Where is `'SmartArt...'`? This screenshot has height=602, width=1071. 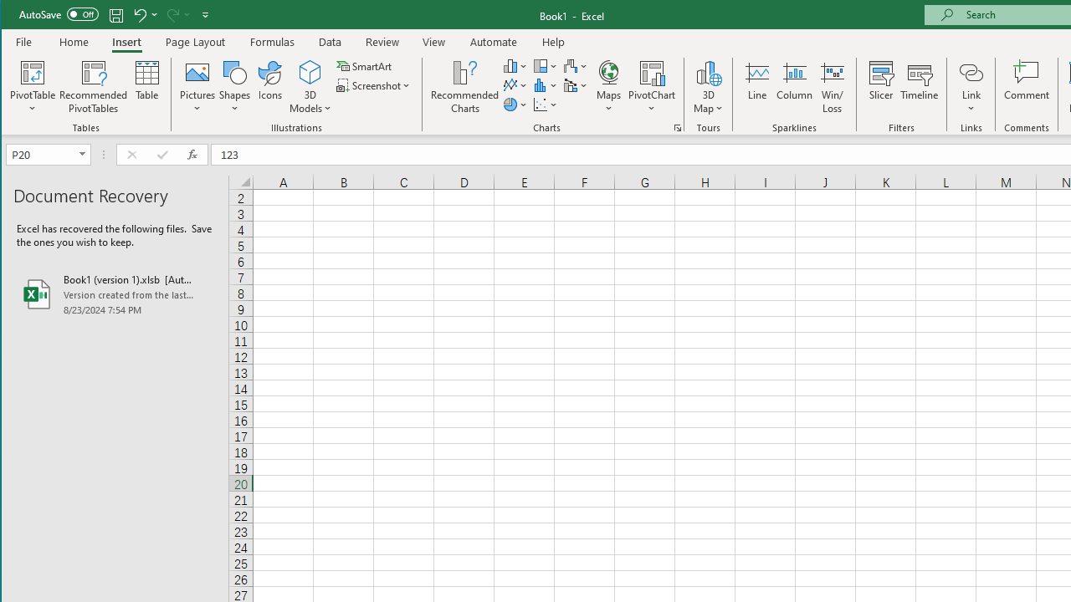
'SmartArt...' is located at coordinates (365, 65).